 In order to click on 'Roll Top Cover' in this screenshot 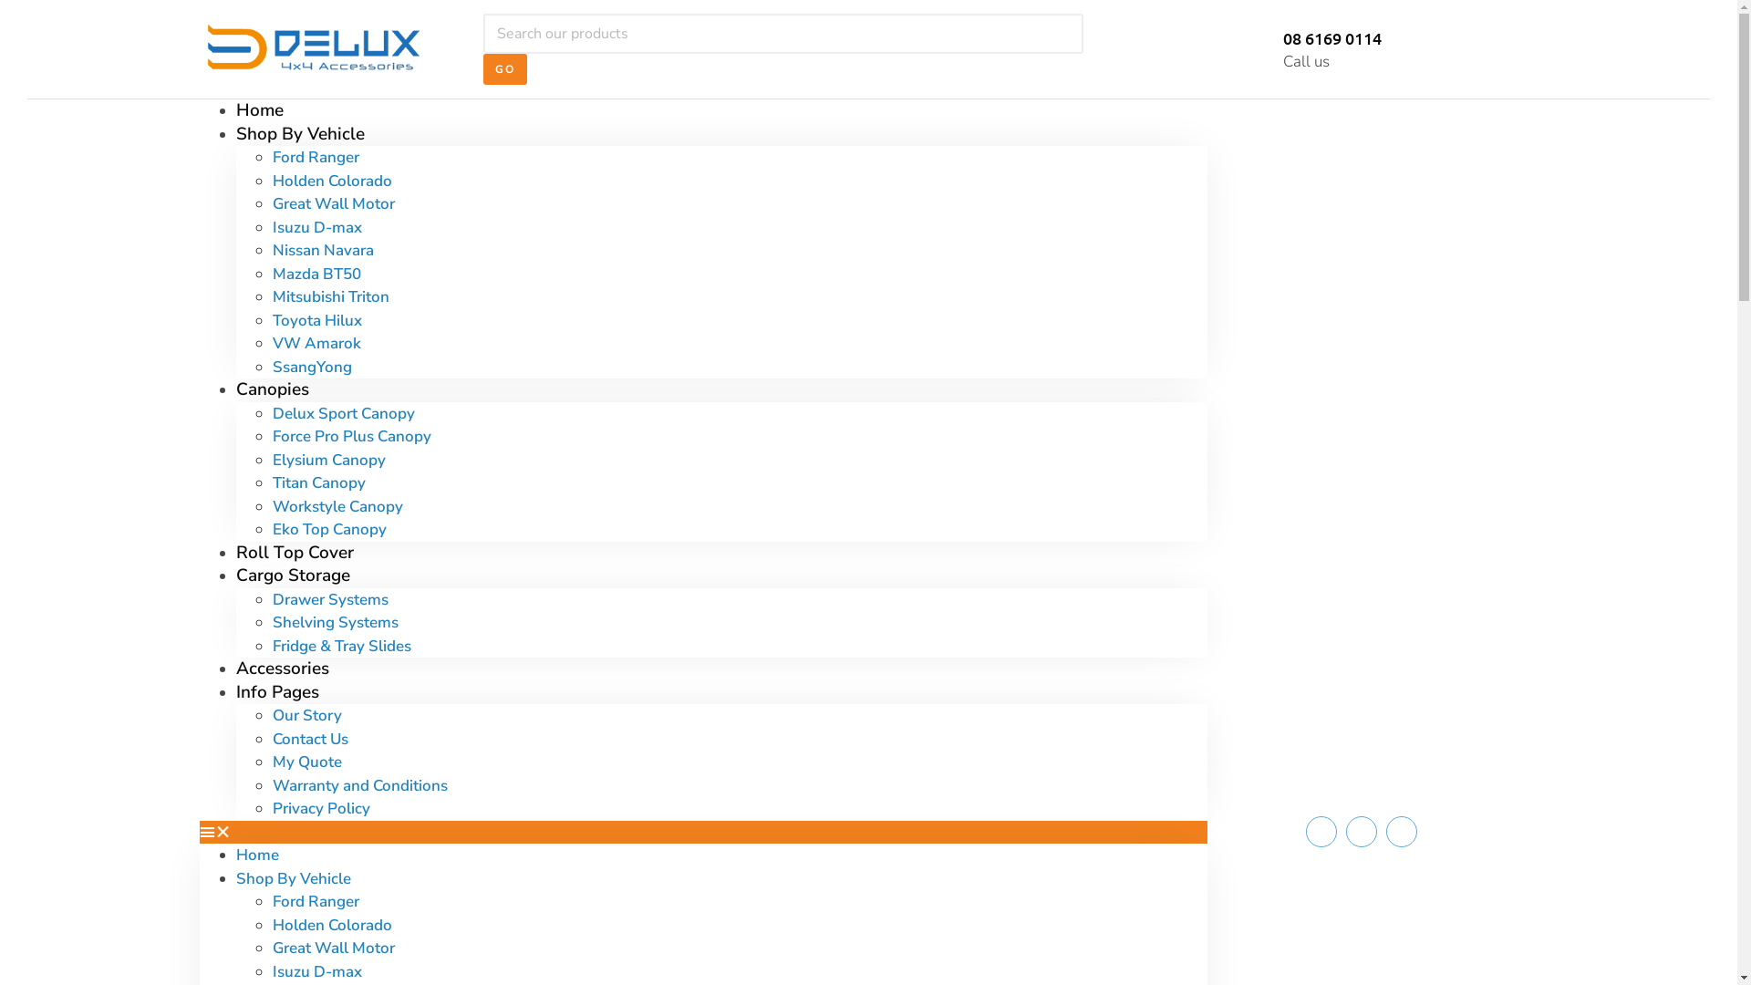, I will do `click(294, 551)`.